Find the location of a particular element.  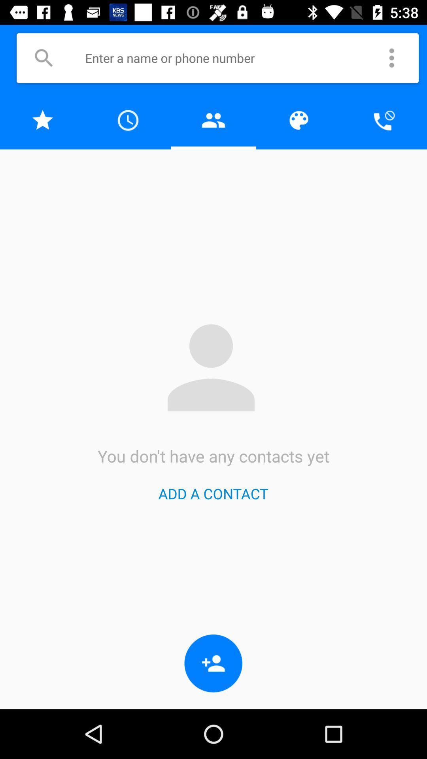

clock is located at coordinates (128, 120).